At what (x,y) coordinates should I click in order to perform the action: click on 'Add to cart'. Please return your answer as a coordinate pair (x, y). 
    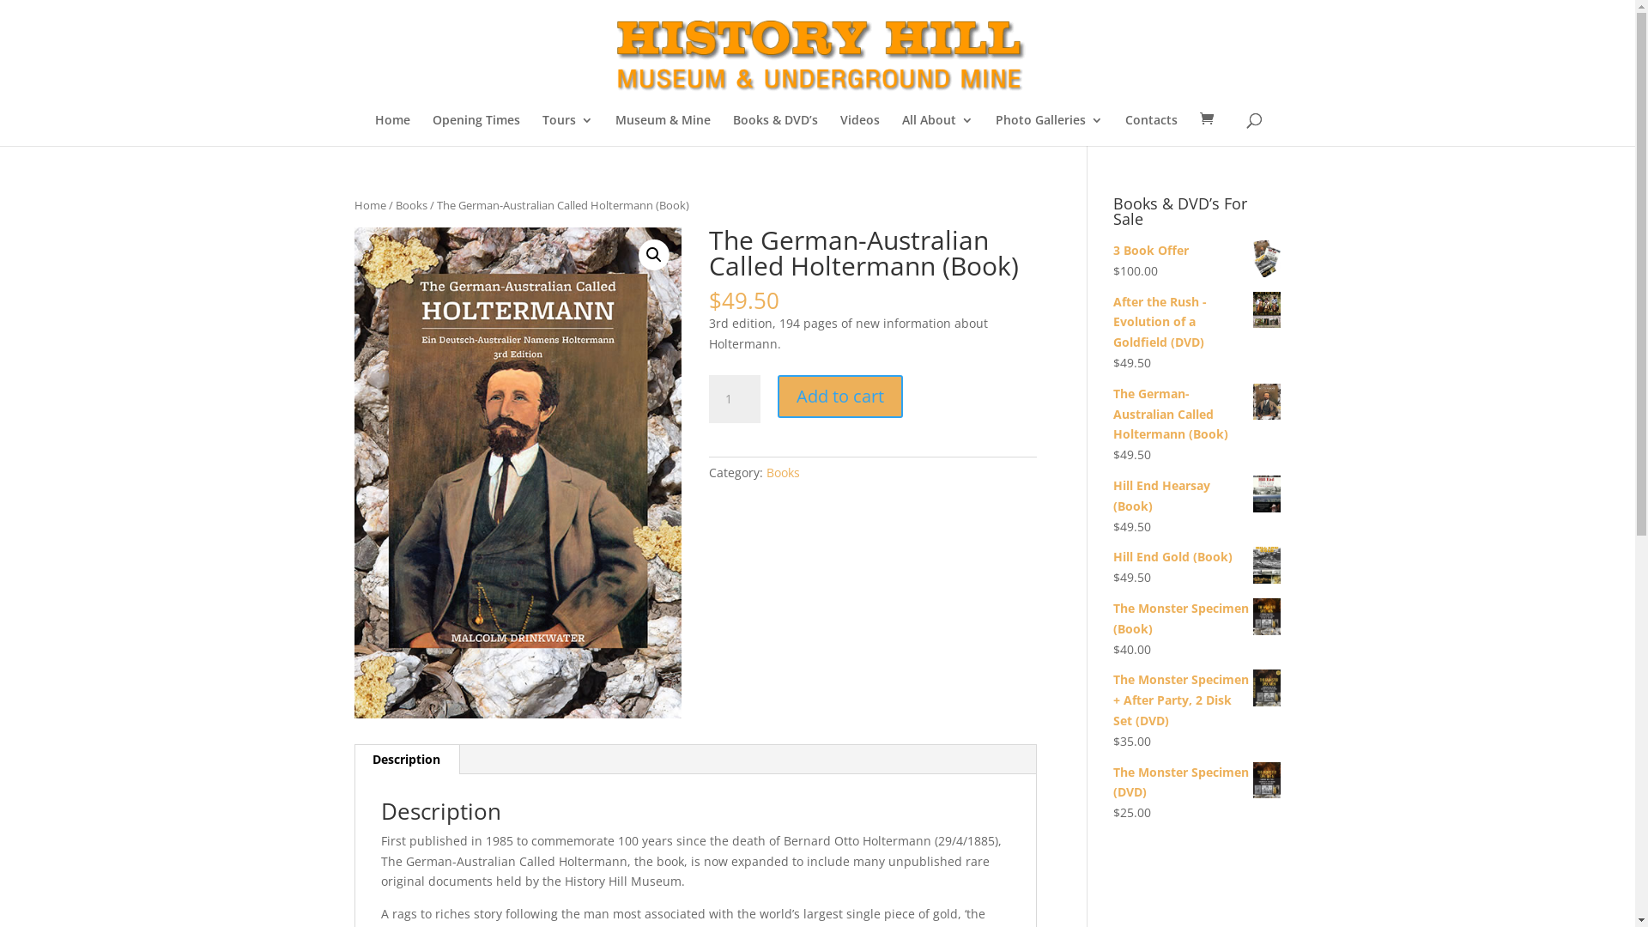
    Looking at the image, I should click on (840, 397).